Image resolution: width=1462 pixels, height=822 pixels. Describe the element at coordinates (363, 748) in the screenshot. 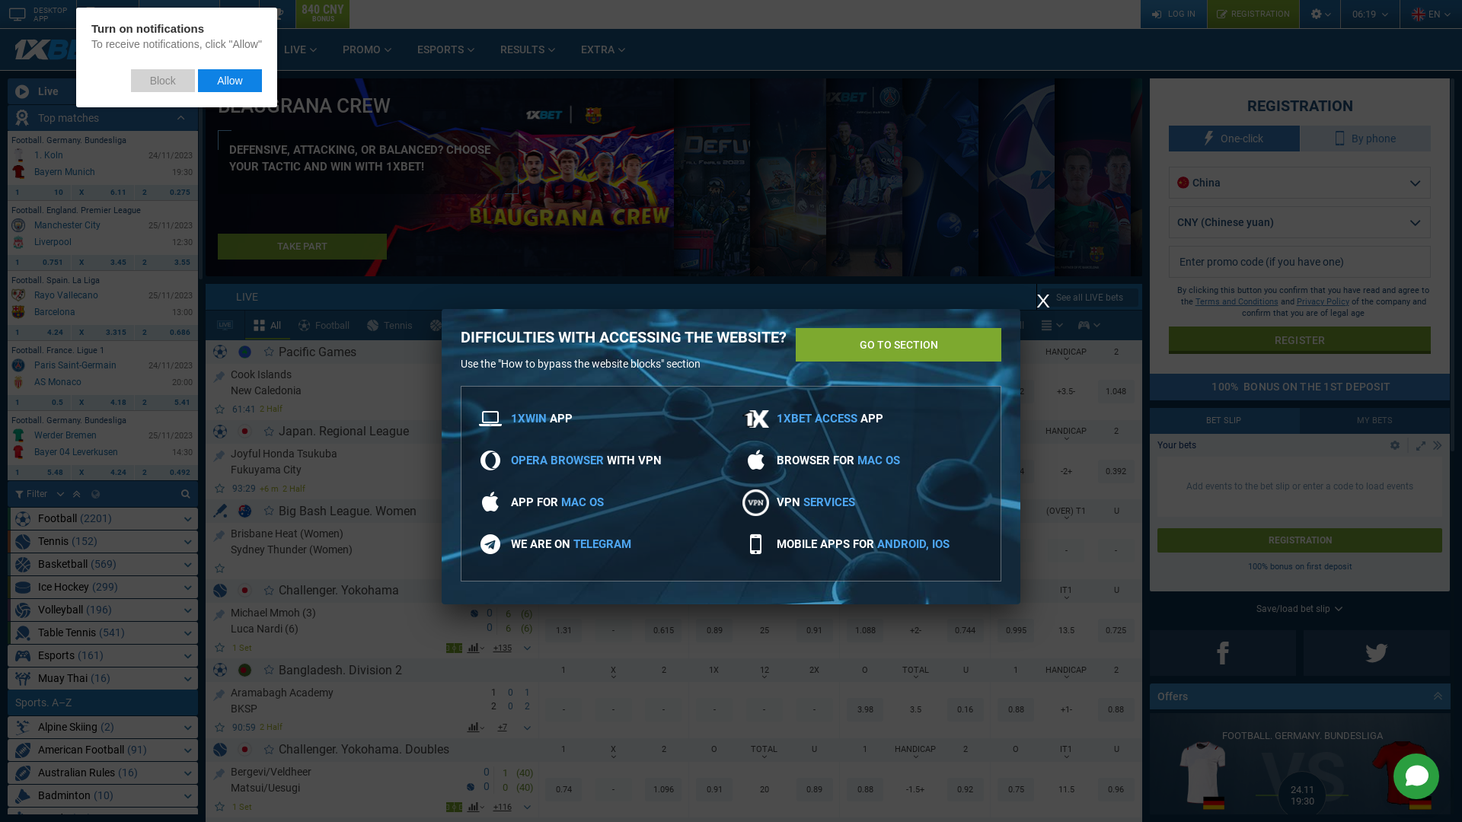

I see `'Challenger. Yokohama. Doubles'` at that location.